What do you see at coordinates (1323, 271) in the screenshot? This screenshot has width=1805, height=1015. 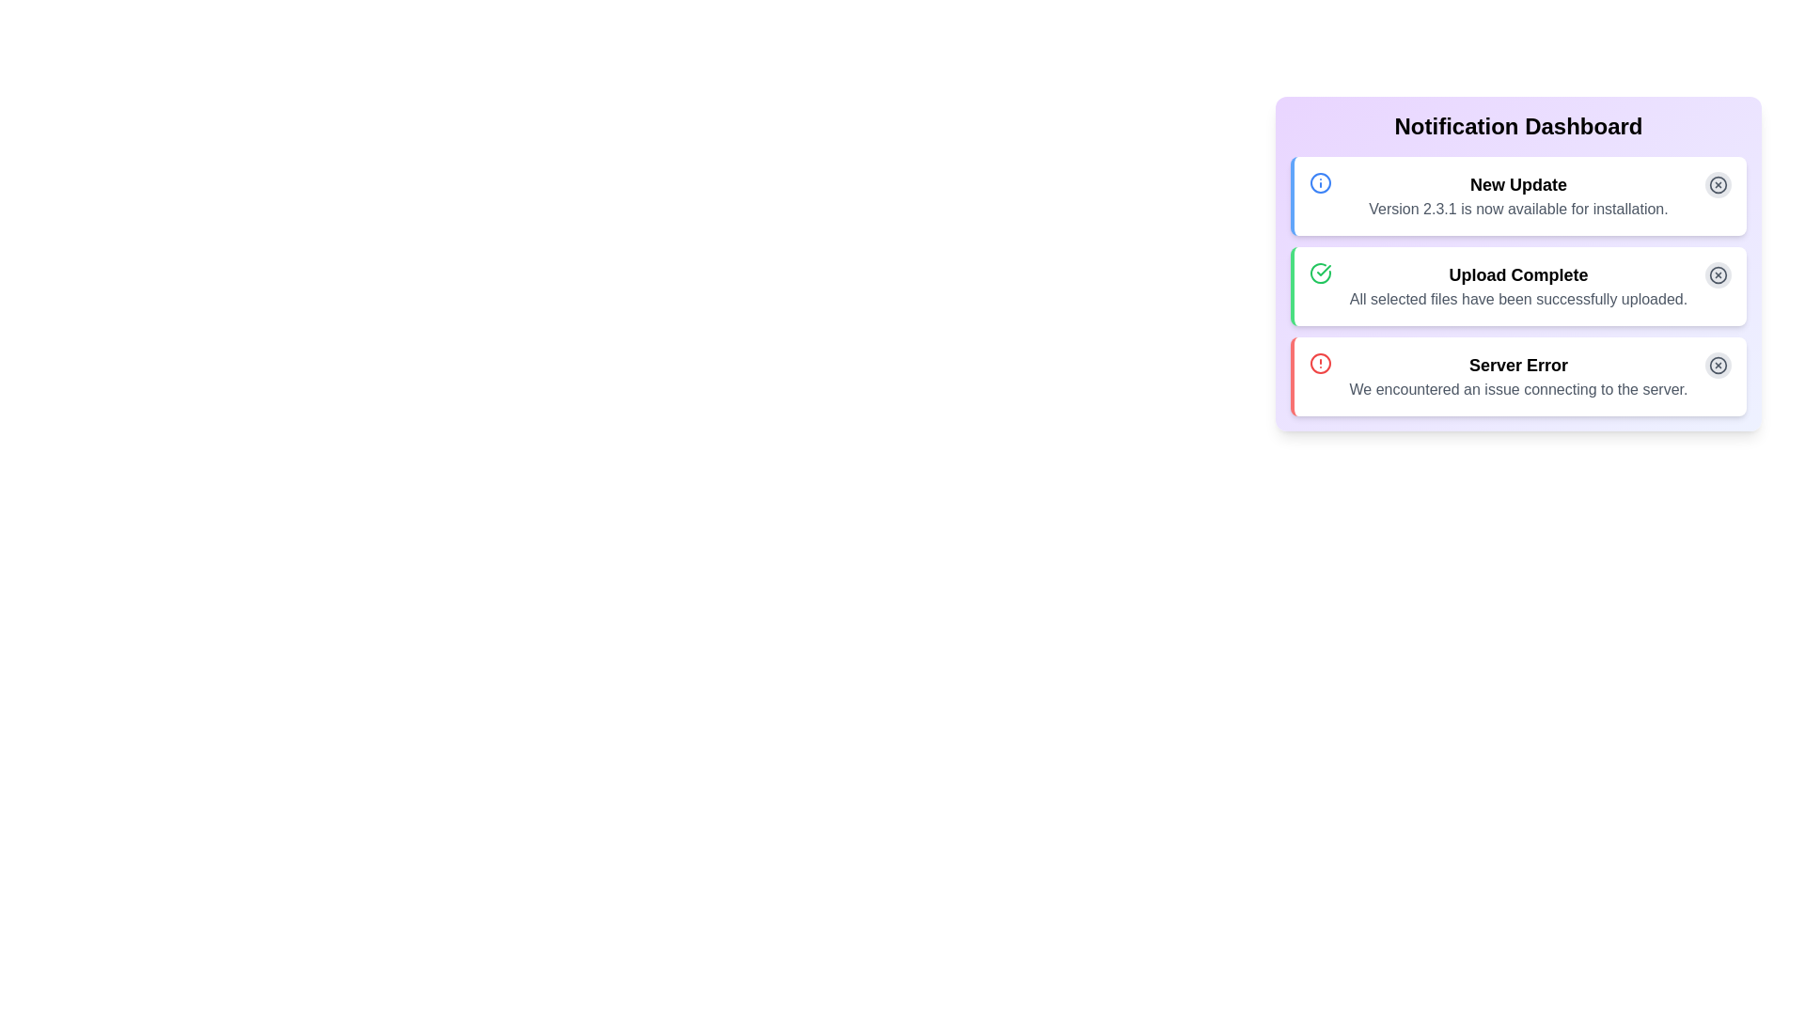 I see `the checkmark icon representing 'Upload Complete', which is styled in green and located inside a circular element in the second notification card` at bounding box center [1323, 271].